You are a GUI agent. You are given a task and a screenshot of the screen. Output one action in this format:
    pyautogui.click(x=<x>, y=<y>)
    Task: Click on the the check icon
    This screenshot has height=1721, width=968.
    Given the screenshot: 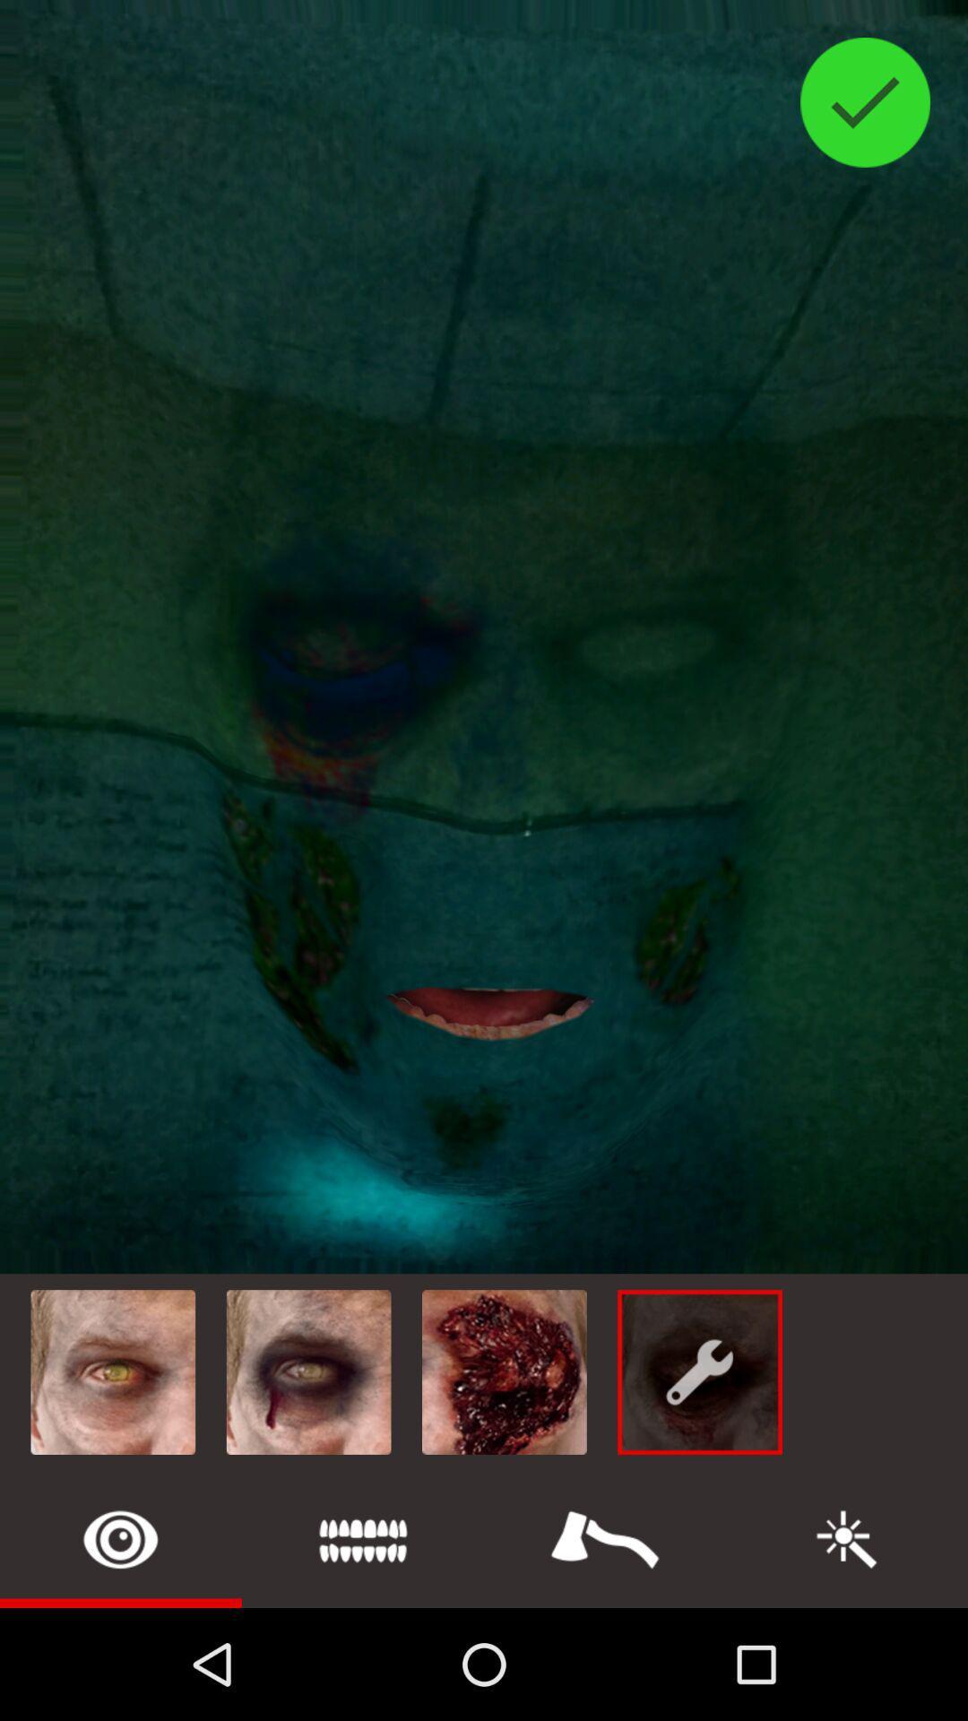 What is the action you would take?
    pyautogui.click(x=864, y=101)
    